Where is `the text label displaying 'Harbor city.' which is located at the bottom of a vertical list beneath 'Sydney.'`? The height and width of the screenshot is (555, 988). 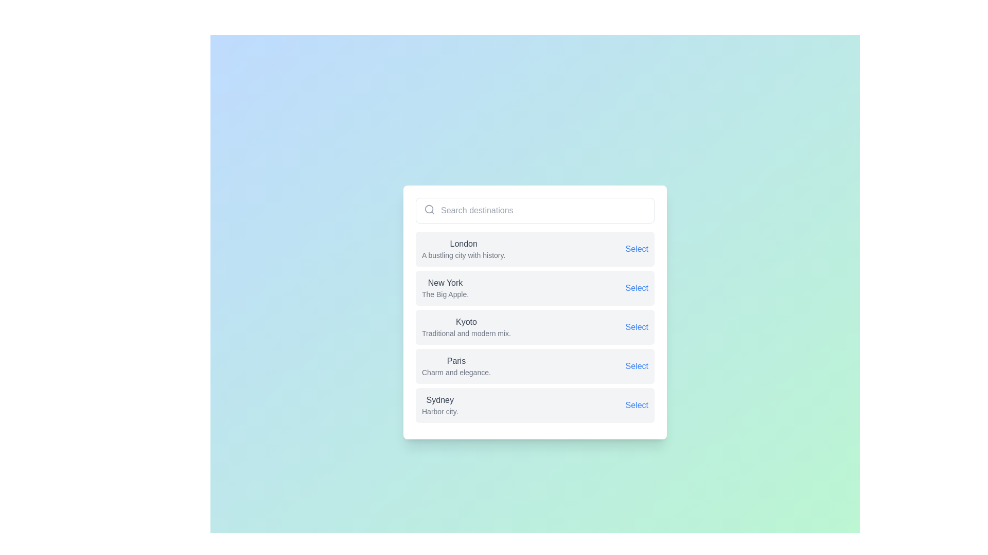 the text label displaying 'Harbor city.' which is located at the bottom of a vertical list beneath 'Sydney.' is located at coordinates (440, 411).